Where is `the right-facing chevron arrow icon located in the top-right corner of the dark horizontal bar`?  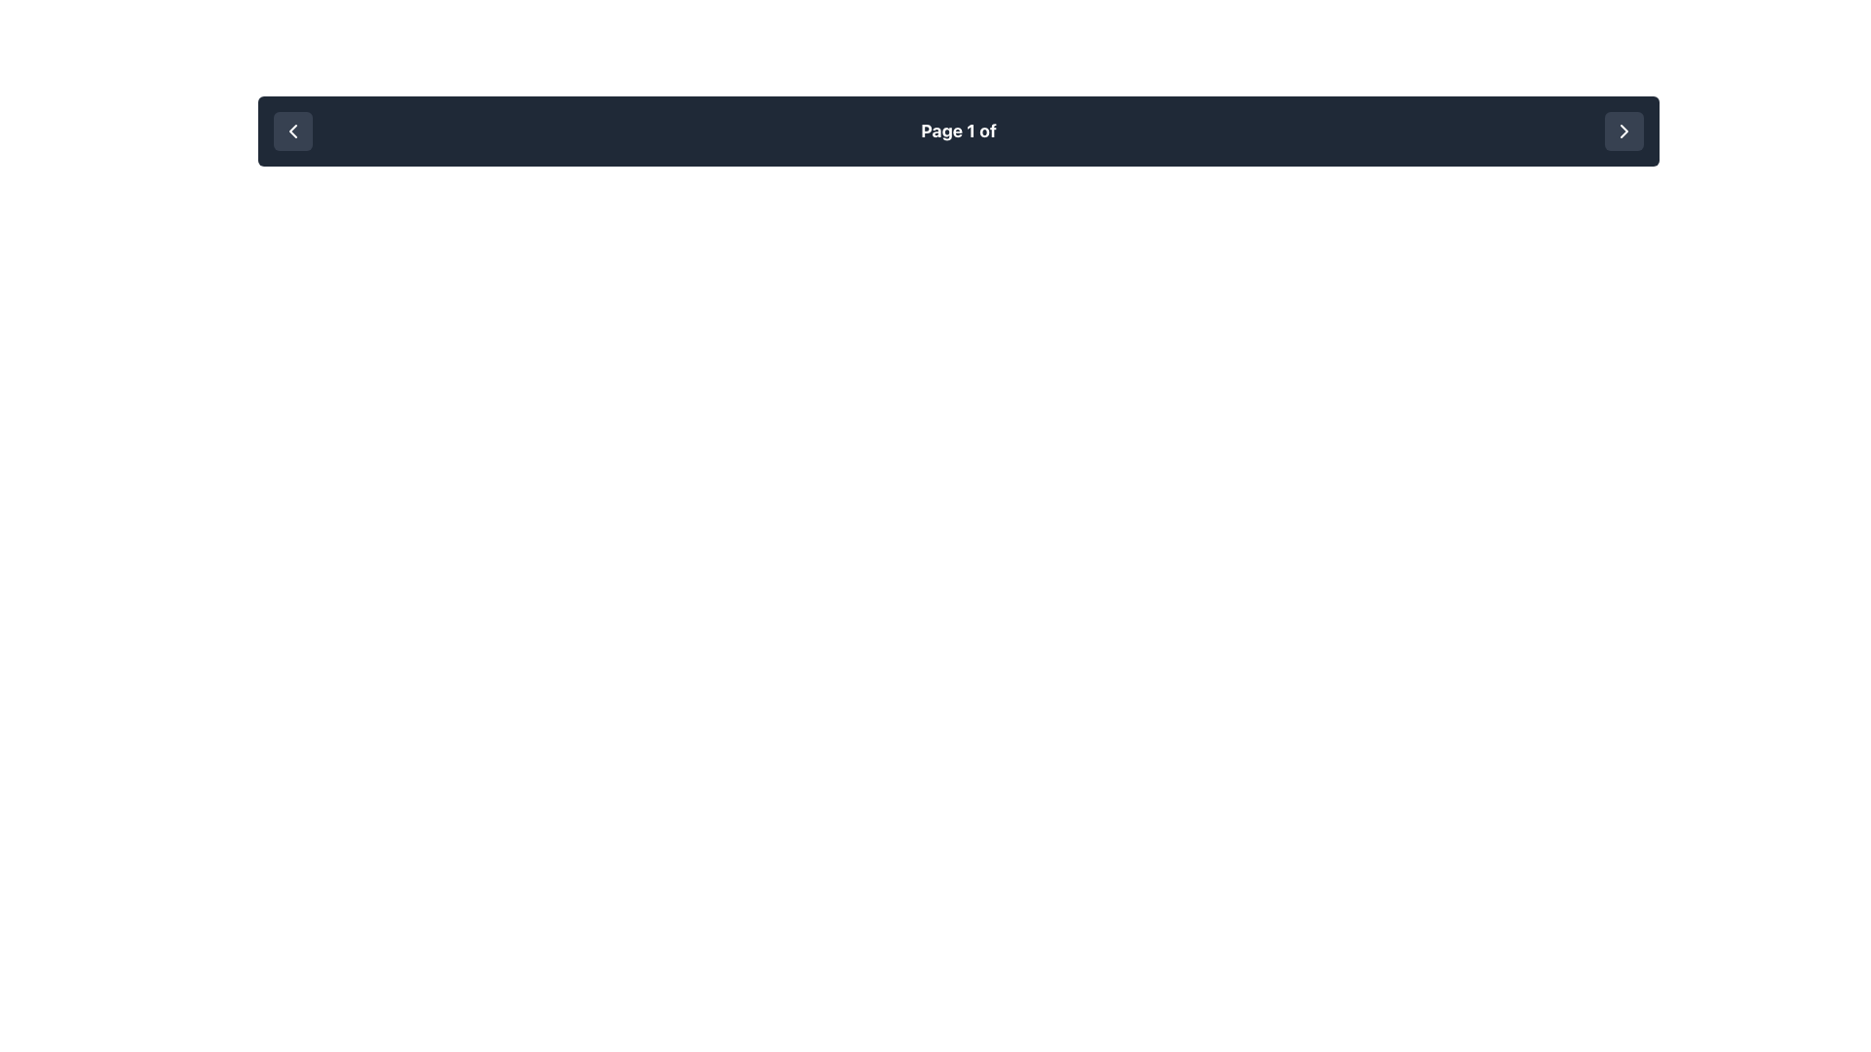 the right-facing chevron arrow icon located in the top-right corner of the dark horizontal bar is located at coordinates (1623, 131).